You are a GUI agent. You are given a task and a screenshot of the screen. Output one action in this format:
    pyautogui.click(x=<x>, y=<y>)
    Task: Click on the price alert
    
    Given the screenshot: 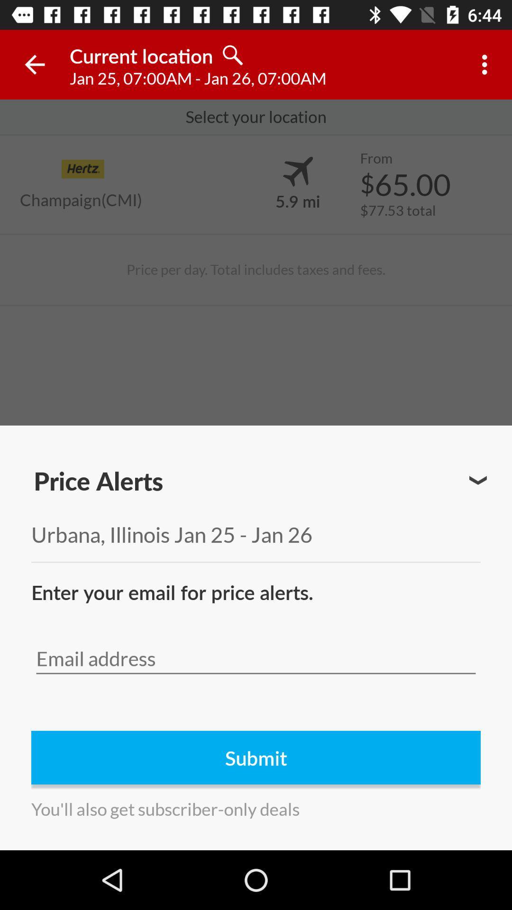 What is the action you would take?
    pyautogui.click(x=478, y=480)
    